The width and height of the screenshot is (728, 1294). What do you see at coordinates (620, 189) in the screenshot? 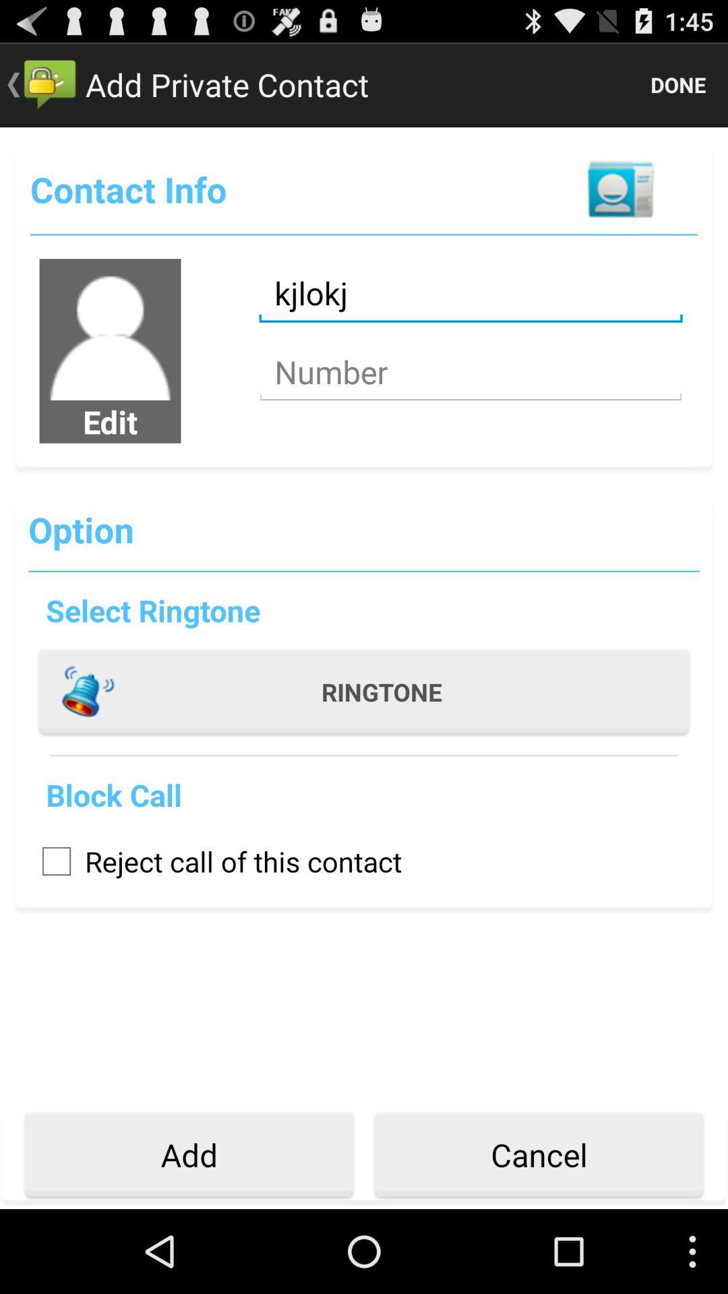
I see `contact button` at bounding box center [620, 189].